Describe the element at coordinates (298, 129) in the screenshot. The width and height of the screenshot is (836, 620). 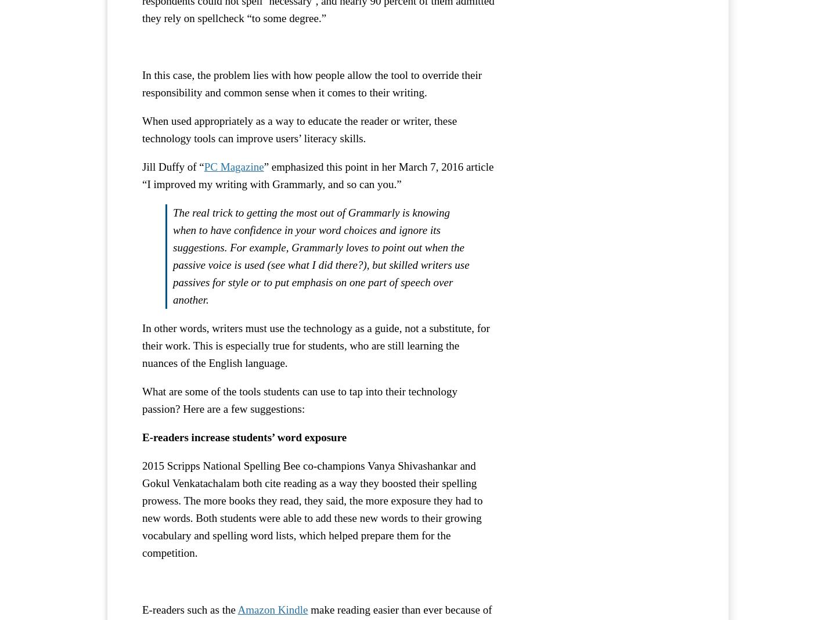
I see `'When used appropriately as a way to educate the reader or writer, these technology tools can improve users’ literacy skills.'` at that location.